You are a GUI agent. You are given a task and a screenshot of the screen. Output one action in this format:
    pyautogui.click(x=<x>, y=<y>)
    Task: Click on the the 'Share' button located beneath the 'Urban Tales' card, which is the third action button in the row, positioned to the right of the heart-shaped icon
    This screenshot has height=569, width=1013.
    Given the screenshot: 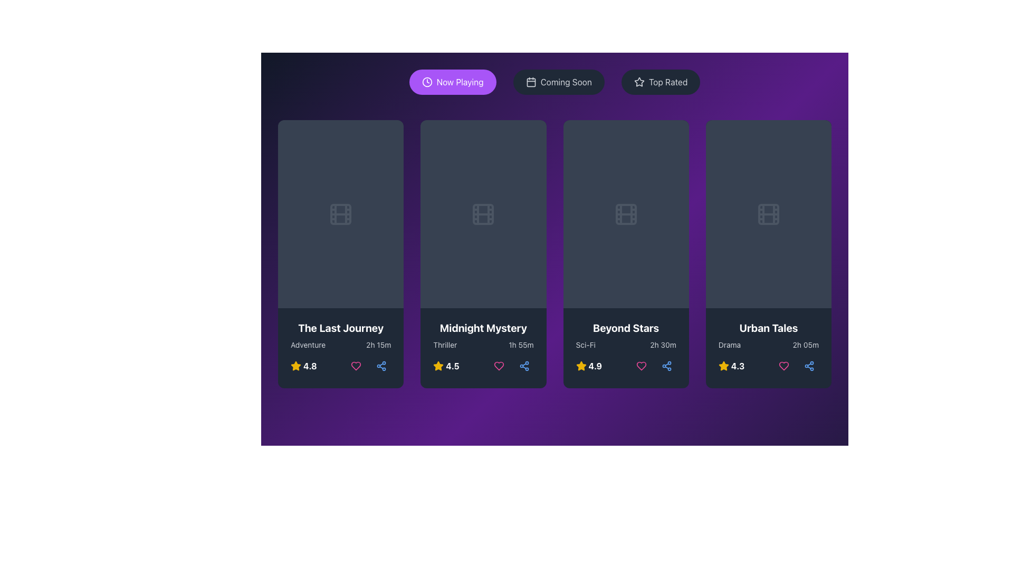 What is the action you would take?
    pyautogui.click(x=809, y=365)
    